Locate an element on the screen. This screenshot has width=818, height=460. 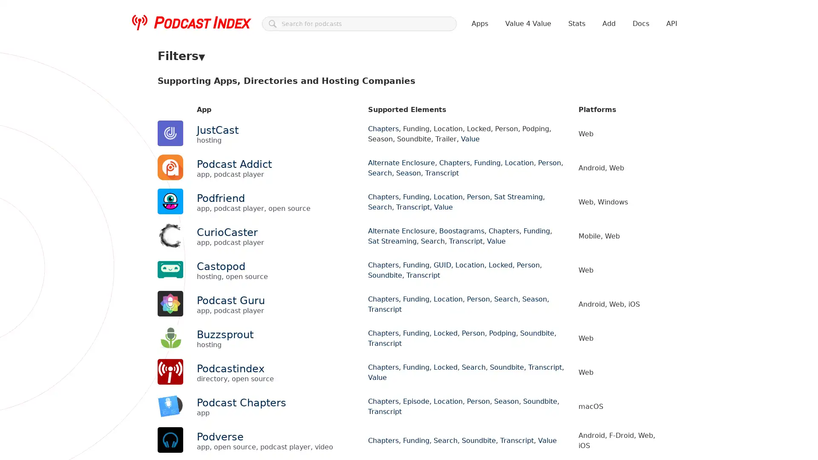
Mobile is located at coordinates (557, 175).